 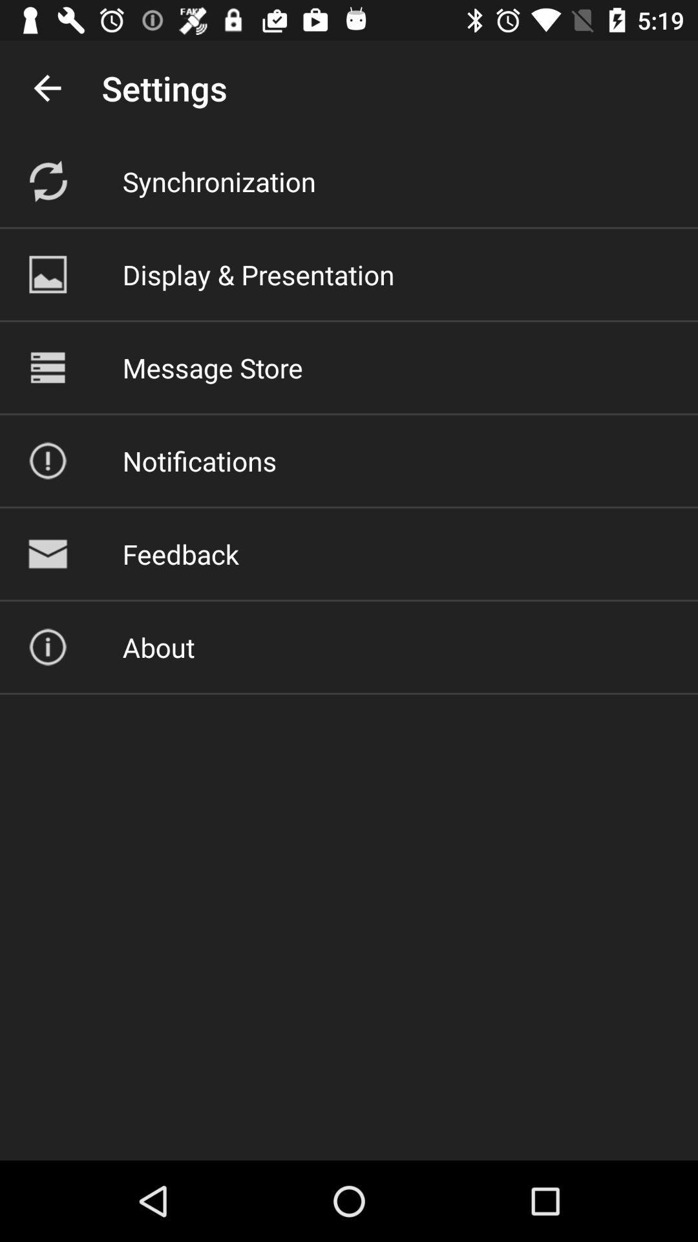 I want to click on the icon above the about icon, so click(x=180, y=554).